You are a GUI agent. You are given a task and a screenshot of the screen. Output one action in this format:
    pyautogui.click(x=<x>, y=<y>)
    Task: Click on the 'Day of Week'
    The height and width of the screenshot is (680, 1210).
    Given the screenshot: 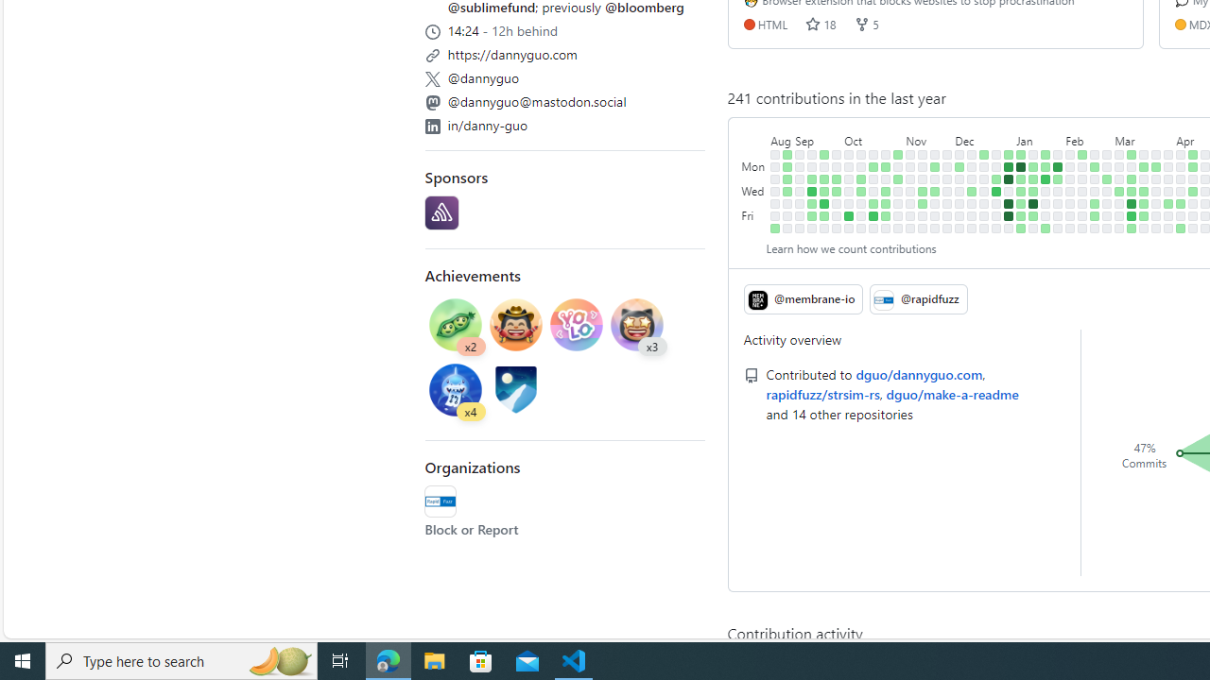 What is the action you would take?
    pyautogui.click(x=753, y=136)
    